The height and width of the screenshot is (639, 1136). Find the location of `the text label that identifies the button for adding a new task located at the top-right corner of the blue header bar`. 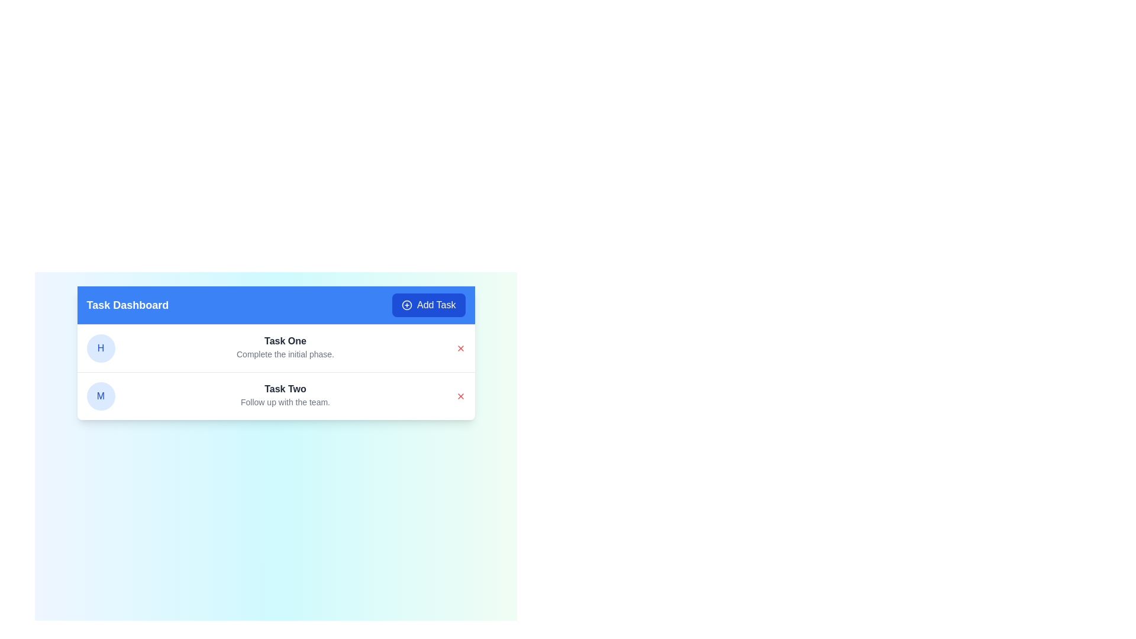

the text label that identifies the button for adding a new task located at the top-right corner of the blue header bar is located at coordinates (435, 305).